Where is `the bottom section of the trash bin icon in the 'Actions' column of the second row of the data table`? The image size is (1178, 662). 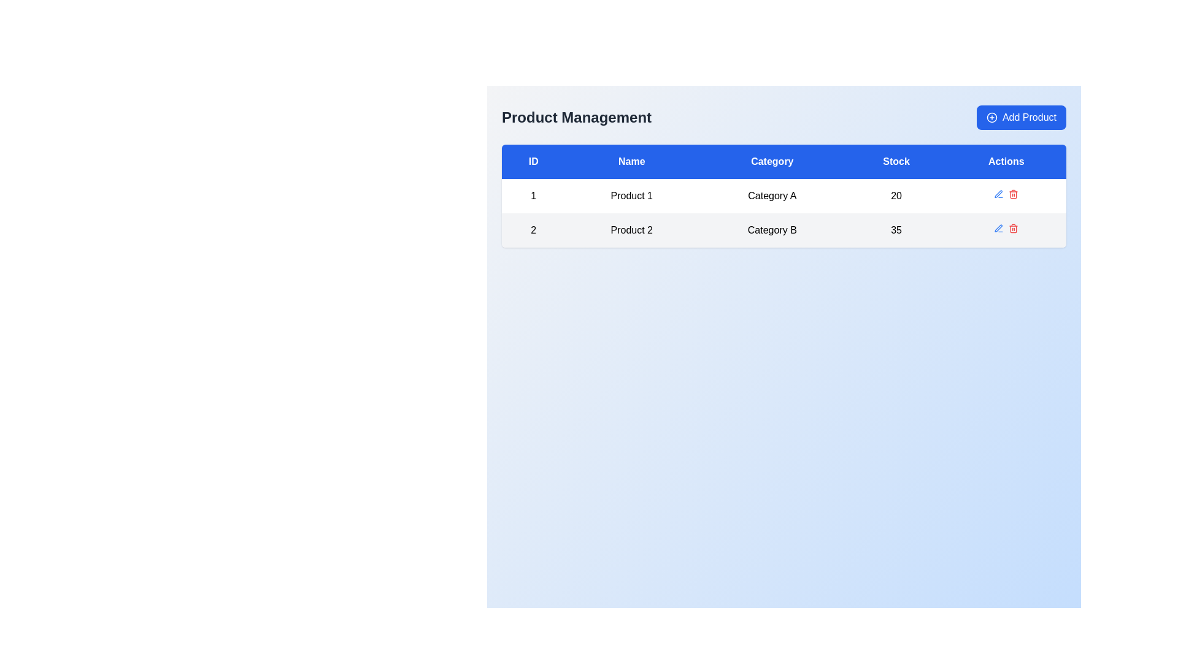
the bottom section of the trash bin icon in the 'Actions' column of the second row of the data table is located at coordinates (1014, 229).